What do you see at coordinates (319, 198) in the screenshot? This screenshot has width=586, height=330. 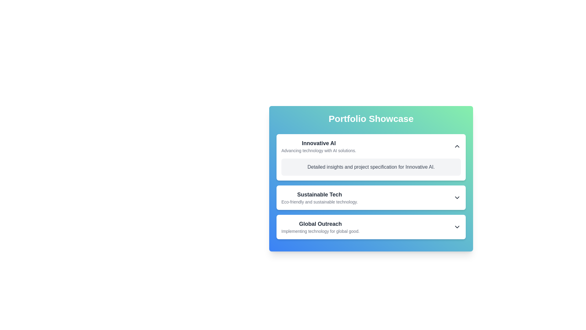 I see `the descriptive text component titled 'Sustainable Tech' to enhance accessibility` at bounding box center [319, 198].